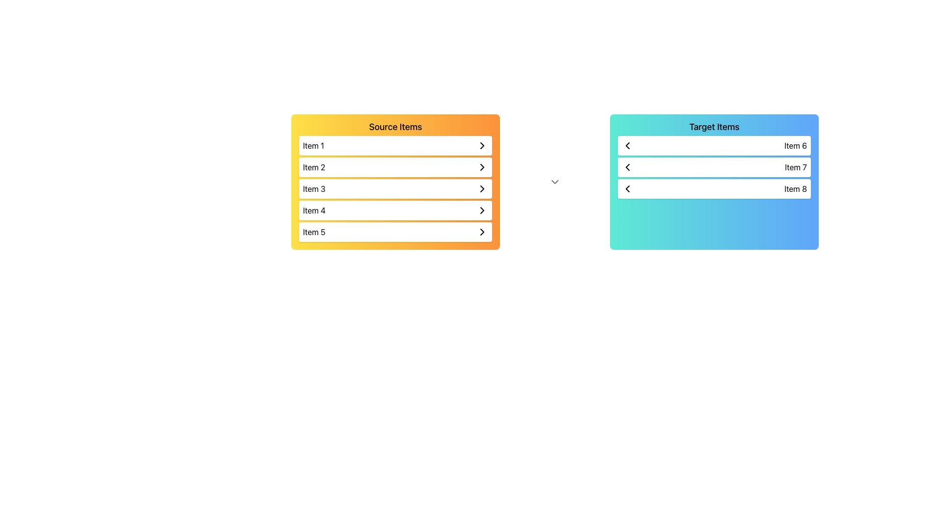 The height and width of the screenshot is (530, 943). I want to click on the right-facing chevron arrow icon at the end of the interactive list item box labeled 'Item 5', so click(482, 232).